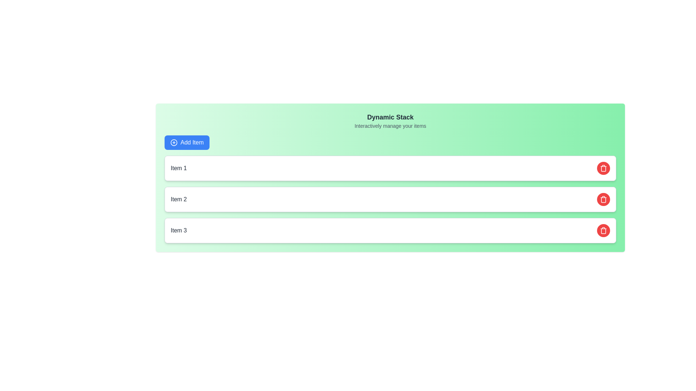  Describe the element at coordinates (174, 142) in the screenshot. I see `the outer circle element of the plus sign icon, which is part of the blue button next to the 'Add Item' text, to interact with the button` at that location.